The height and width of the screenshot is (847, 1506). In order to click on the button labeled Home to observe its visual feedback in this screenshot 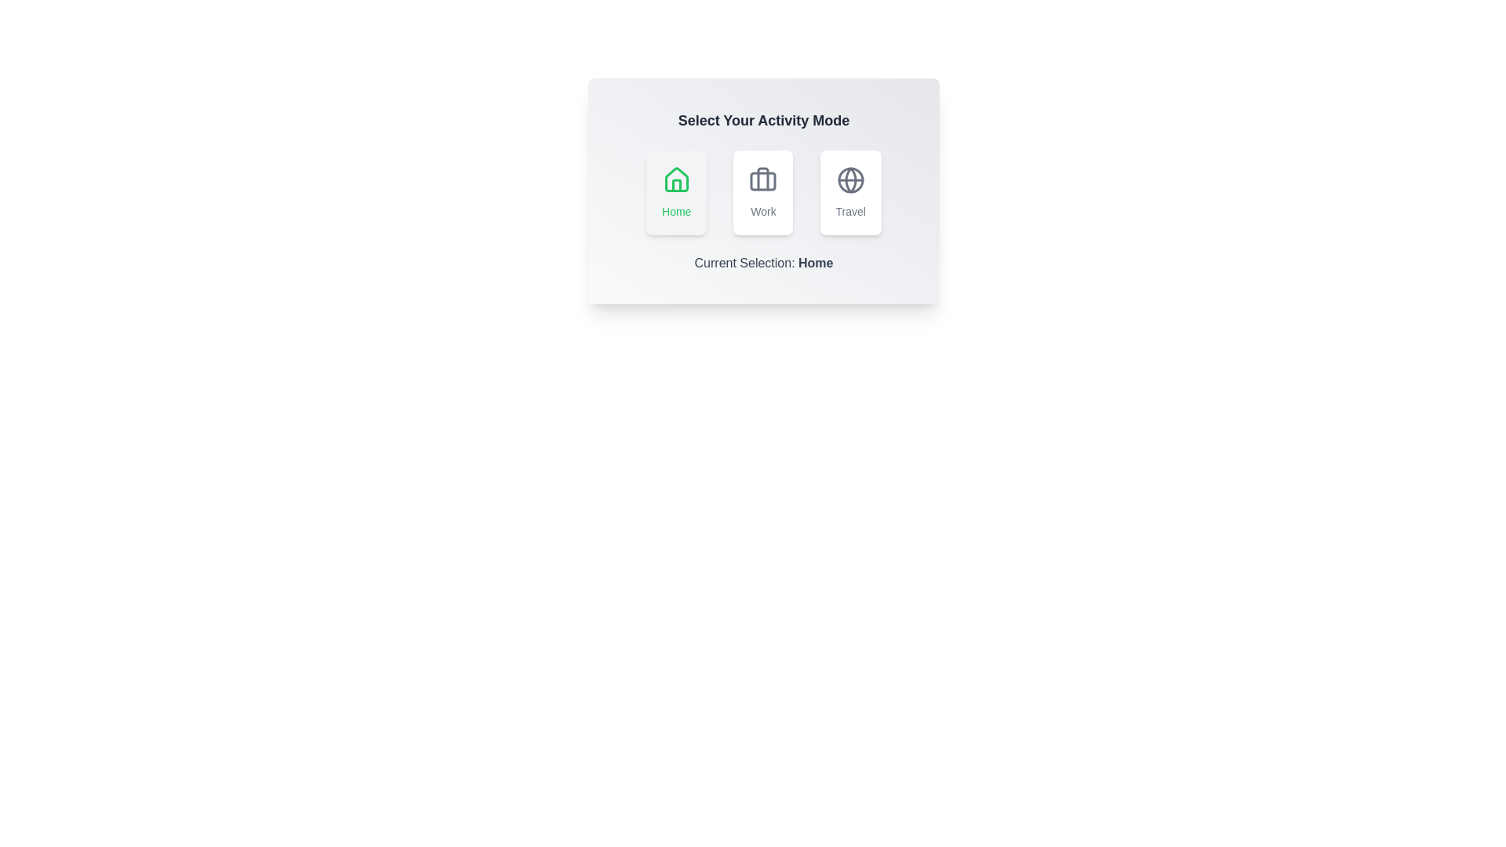, I will do `click(676, 192)`.